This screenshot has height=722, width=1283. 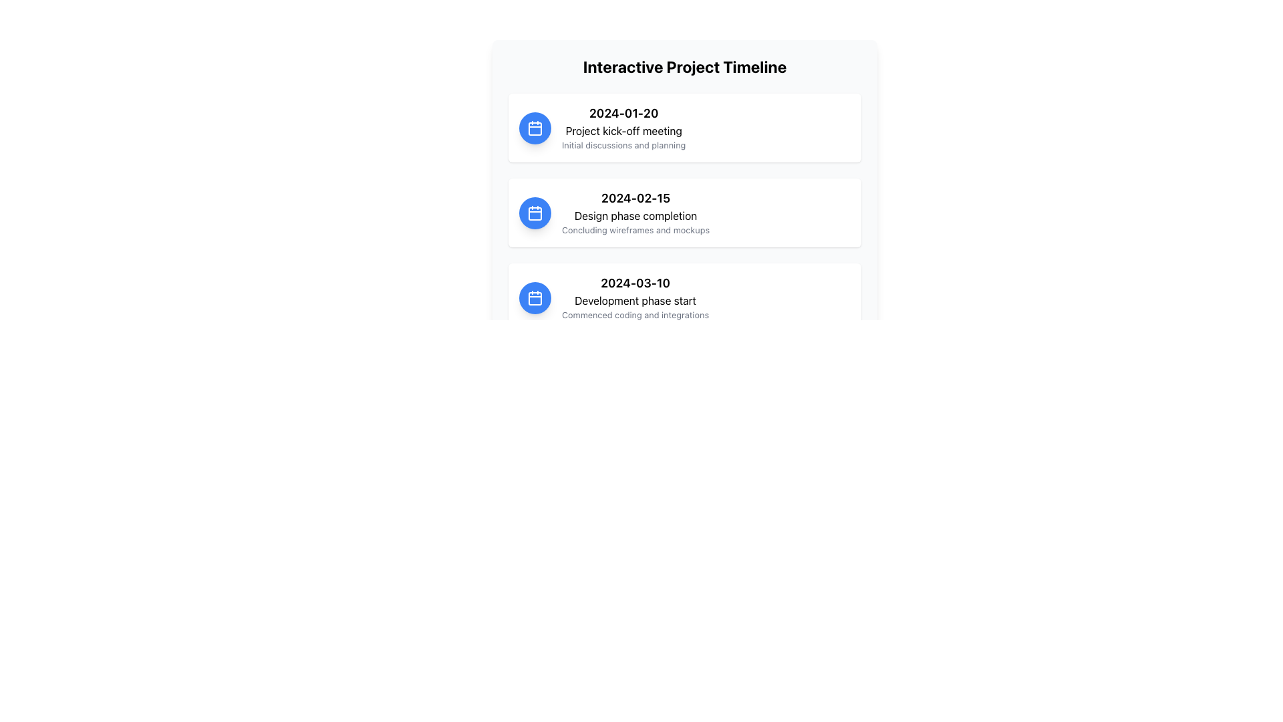 What do you see at coordinates (535, 297) in the screenshot?
I see `the background rectangle of the calendar icon, which is located to the left of the 'Development phase start' event in the timeline list` at bounding box center [535, 297].